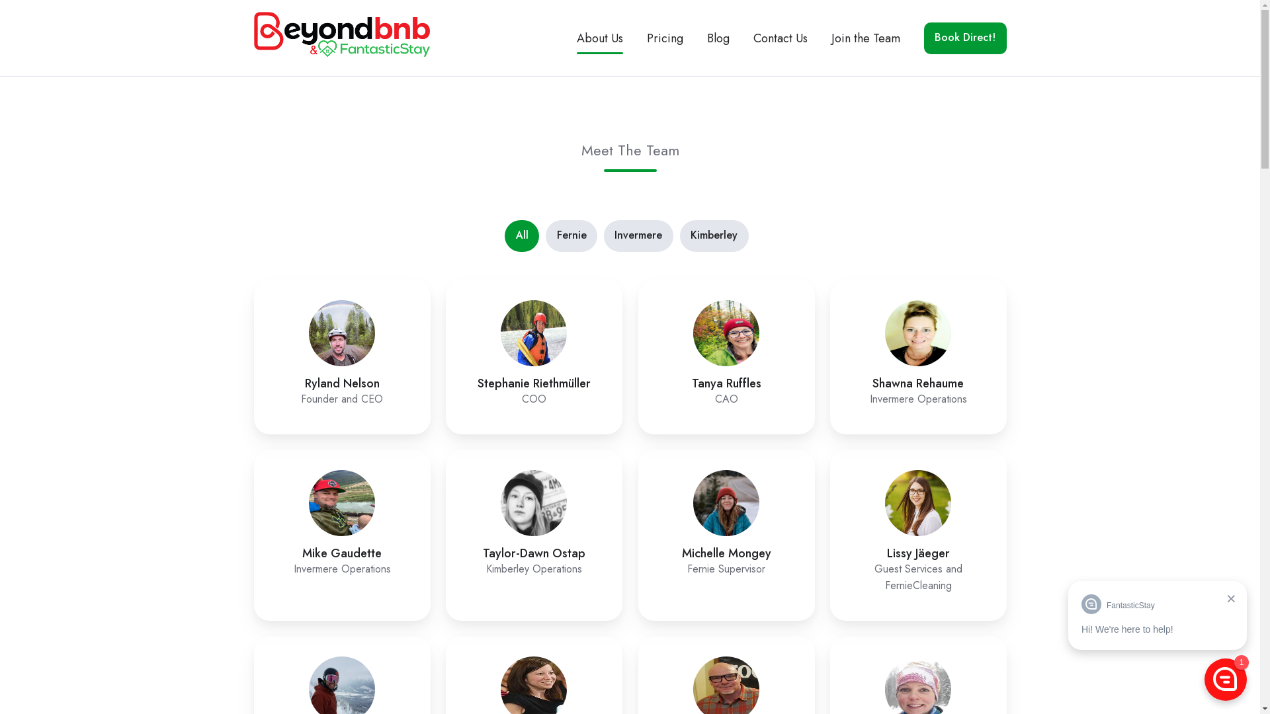  Describe the element at coordinates (665, 37) in the screenshot. I see `'Pricing'` at that location.